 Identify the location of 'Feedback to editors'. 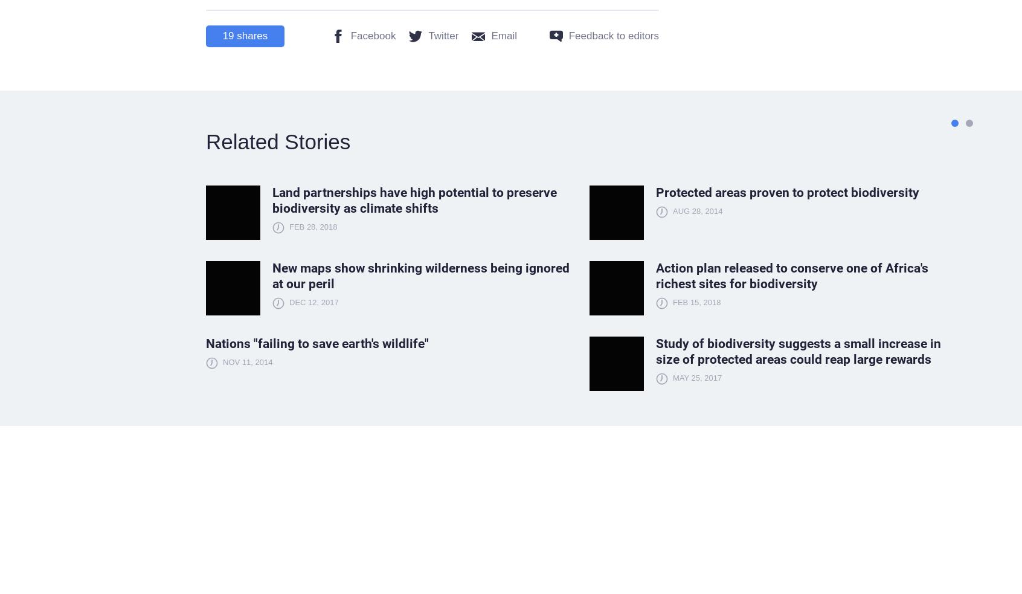
(613, 34).